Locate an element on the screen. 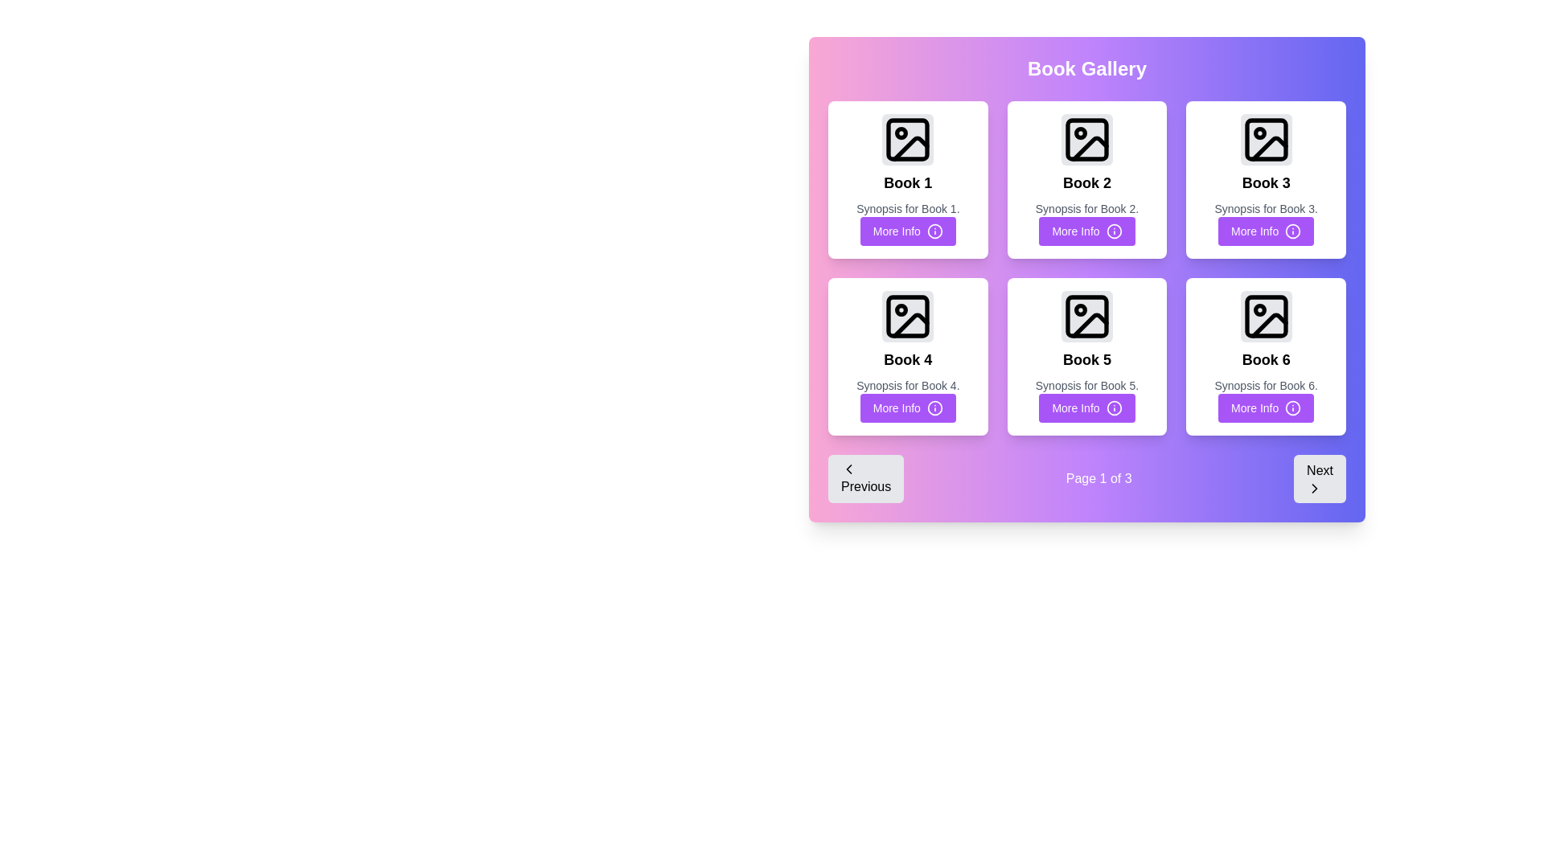  the small rectangular UI component with rounded corners located inside the image icon of the 'Book 4' card in the second row, first column of the grid is located at coordinates (908, 316).